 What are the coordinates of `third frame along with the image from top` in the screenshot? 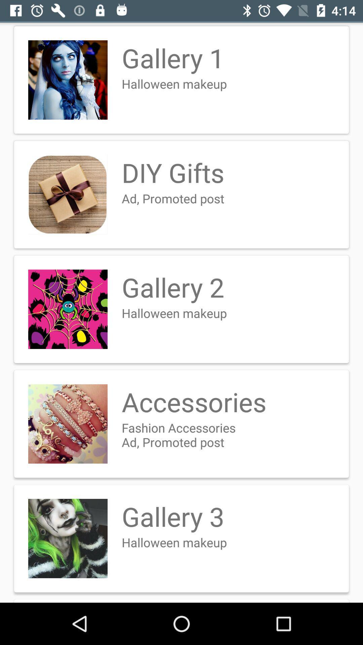 It's located at (182, 309).